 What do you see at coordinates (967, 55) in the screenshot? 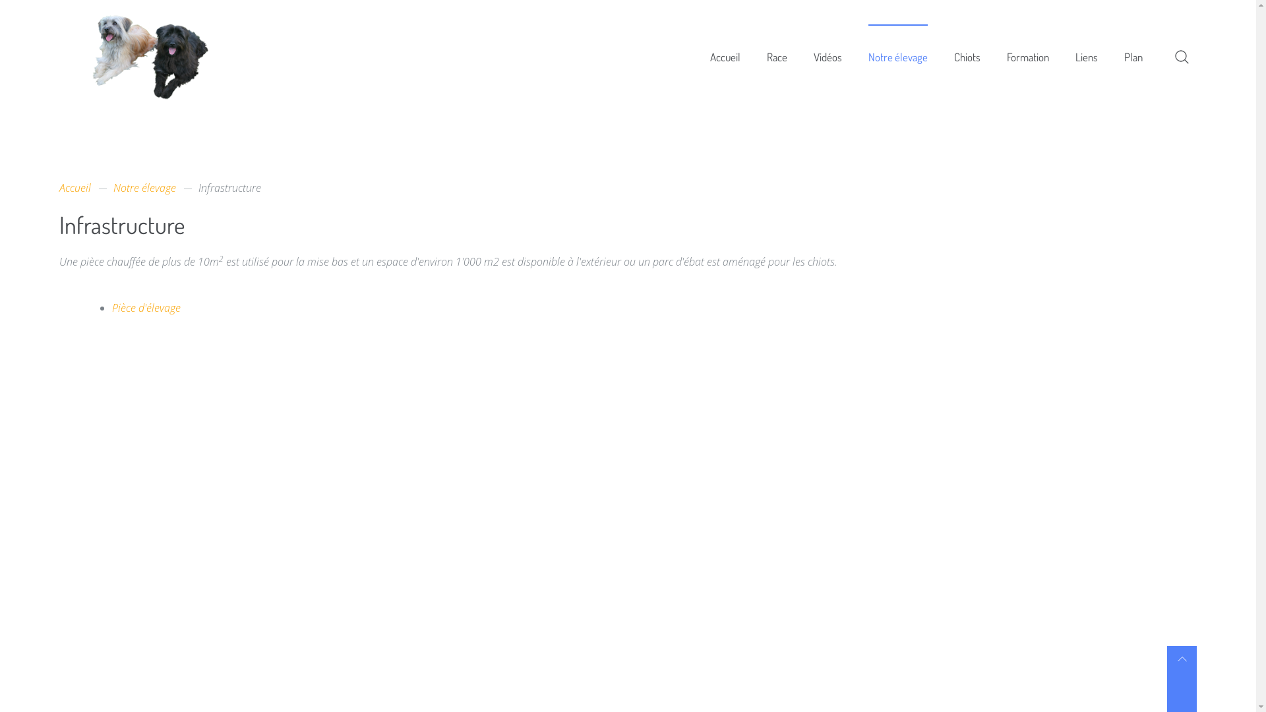
I see `'Chiots'` at bounding box center [967, 55].